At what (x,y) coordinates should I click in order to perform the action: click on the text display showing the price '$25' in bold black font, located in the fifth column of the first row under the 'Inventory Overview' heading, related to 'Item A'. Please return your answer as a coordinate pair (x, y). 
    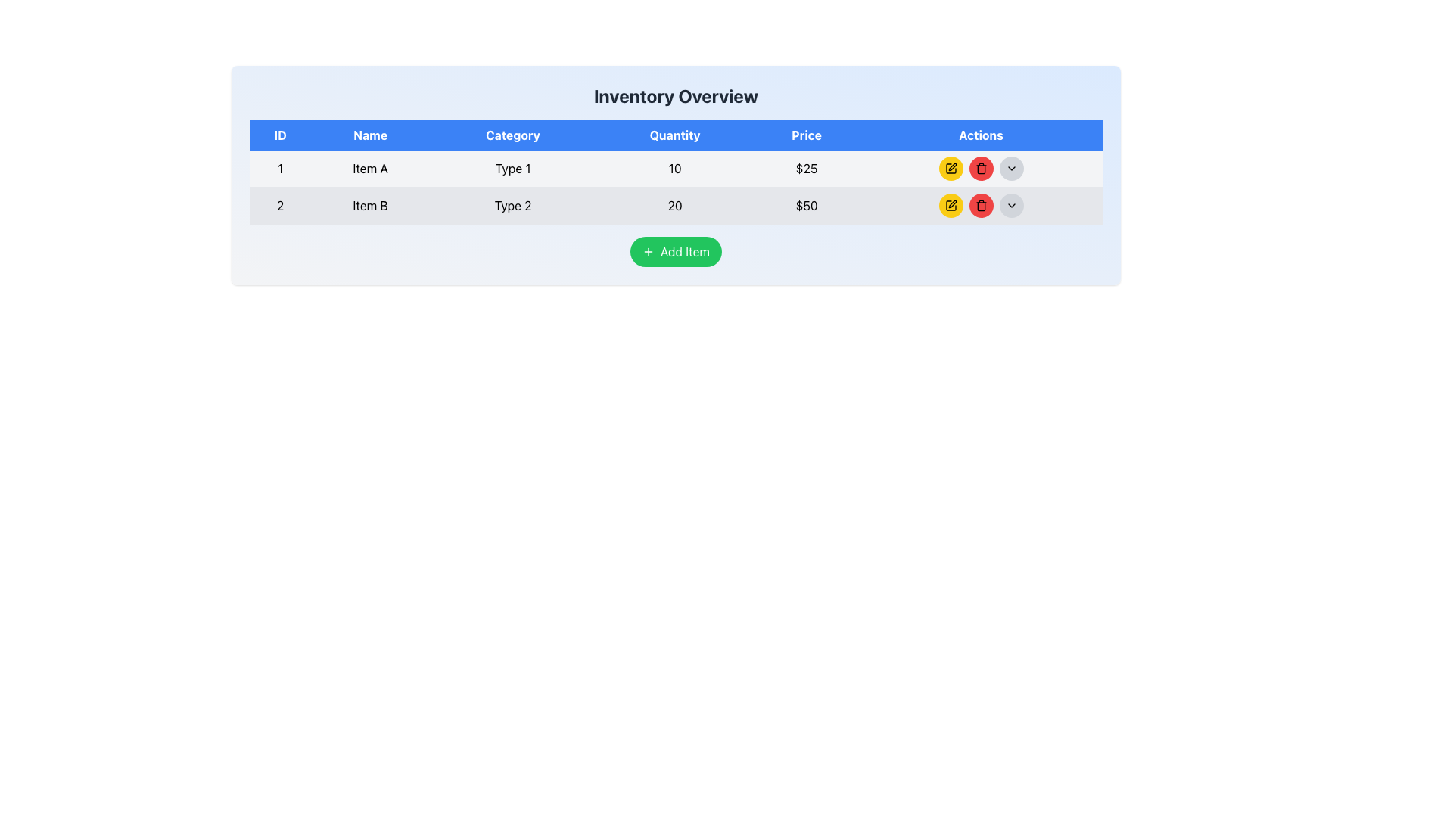
    Looking at the image, I should click on (806, 169).